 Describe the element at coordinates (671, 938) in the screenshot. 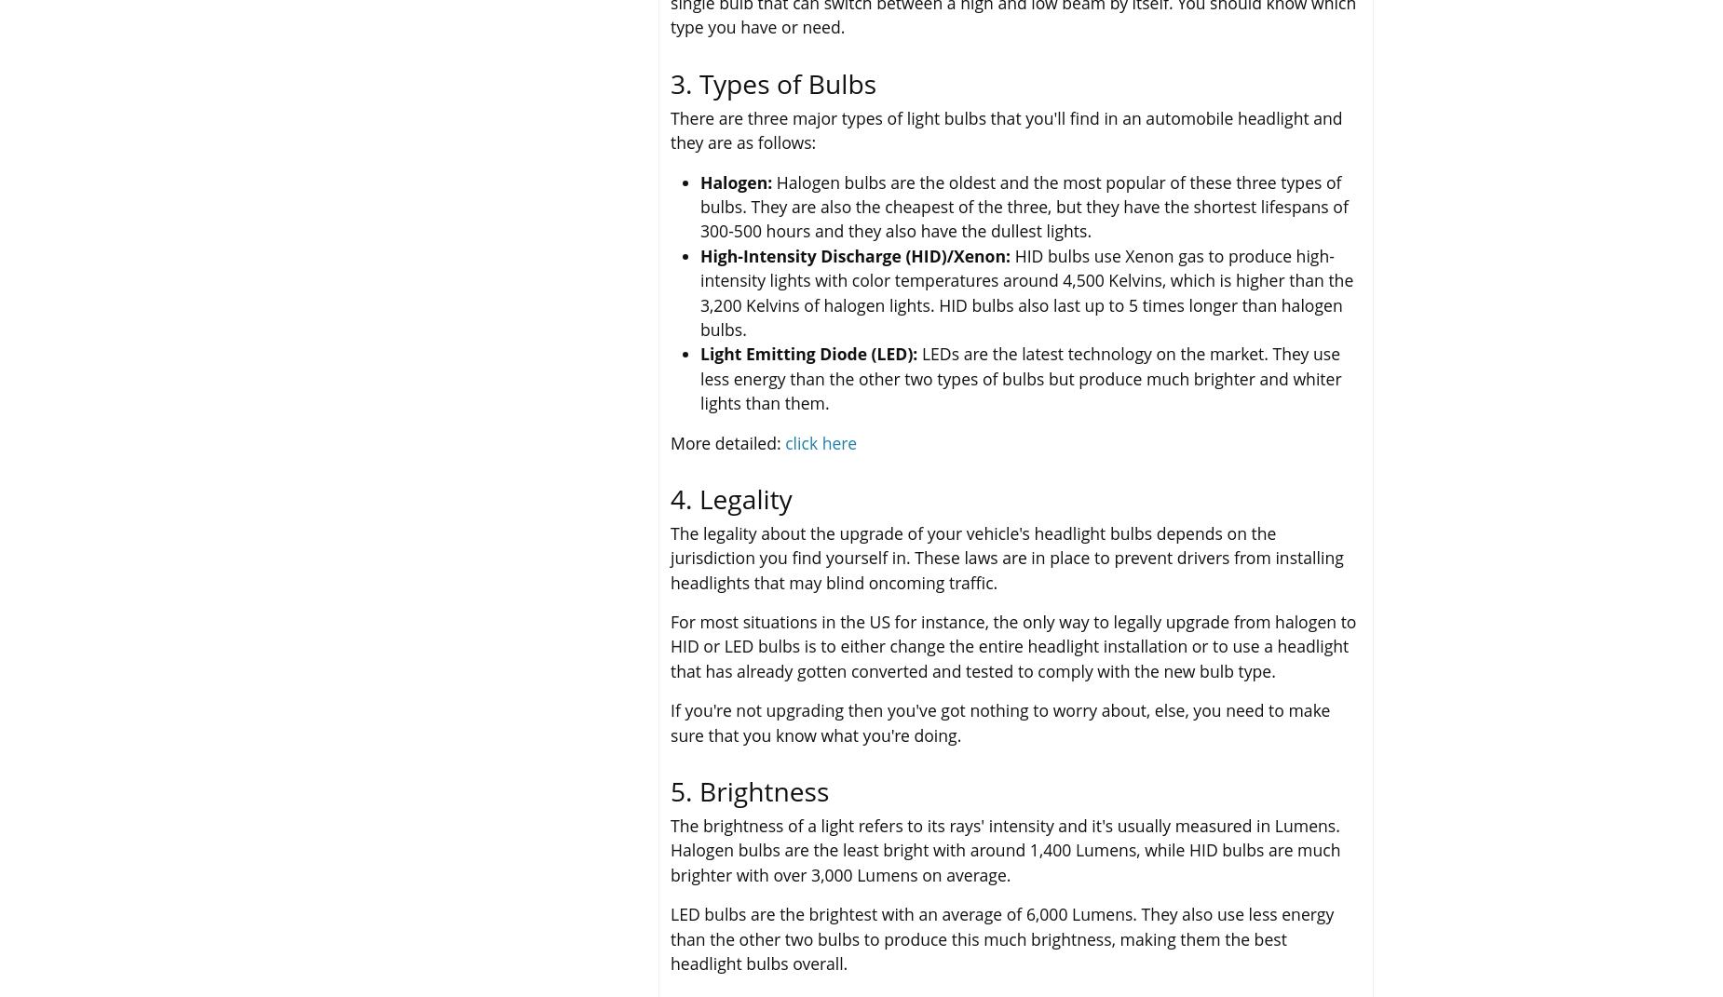

I see `'LED bulbs are the brightest with an average of 6,000 Lumens. They also use less energy than the other two bulbs to produce this much brightness, making them the best headlight bulbs overall.'` at that location.